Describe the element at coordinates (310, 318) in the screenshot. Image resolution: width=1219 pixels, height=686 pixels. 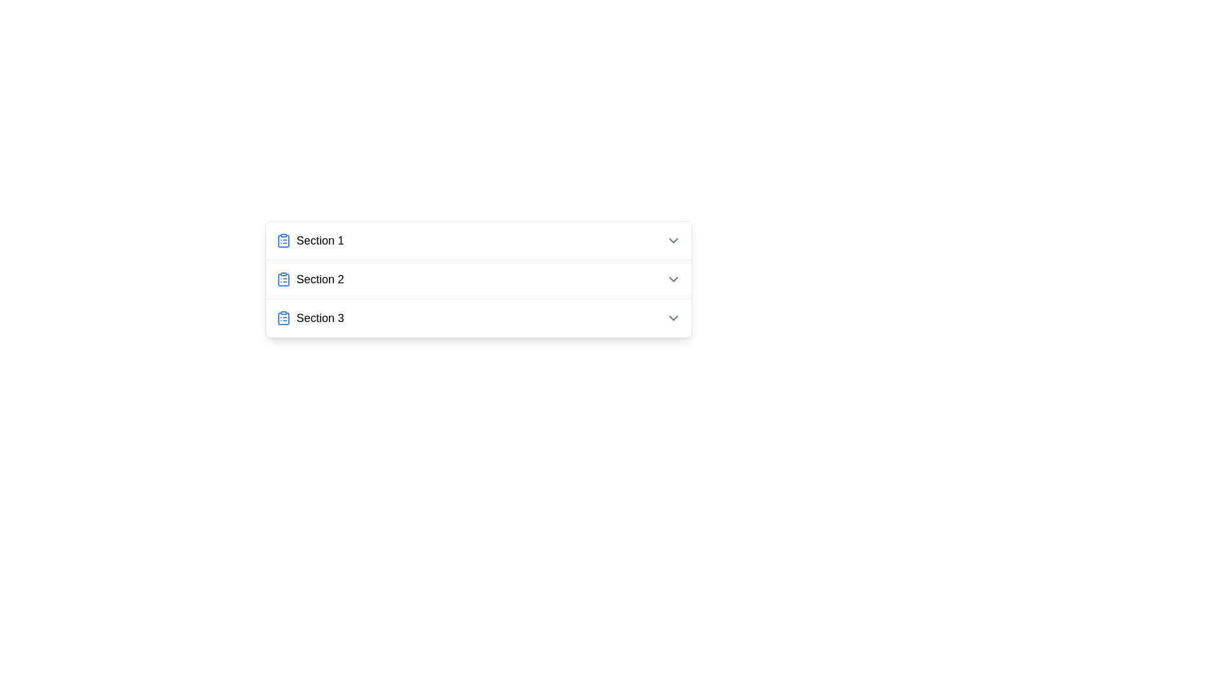
I see `the list item labeled 'Section 3'` at that location.